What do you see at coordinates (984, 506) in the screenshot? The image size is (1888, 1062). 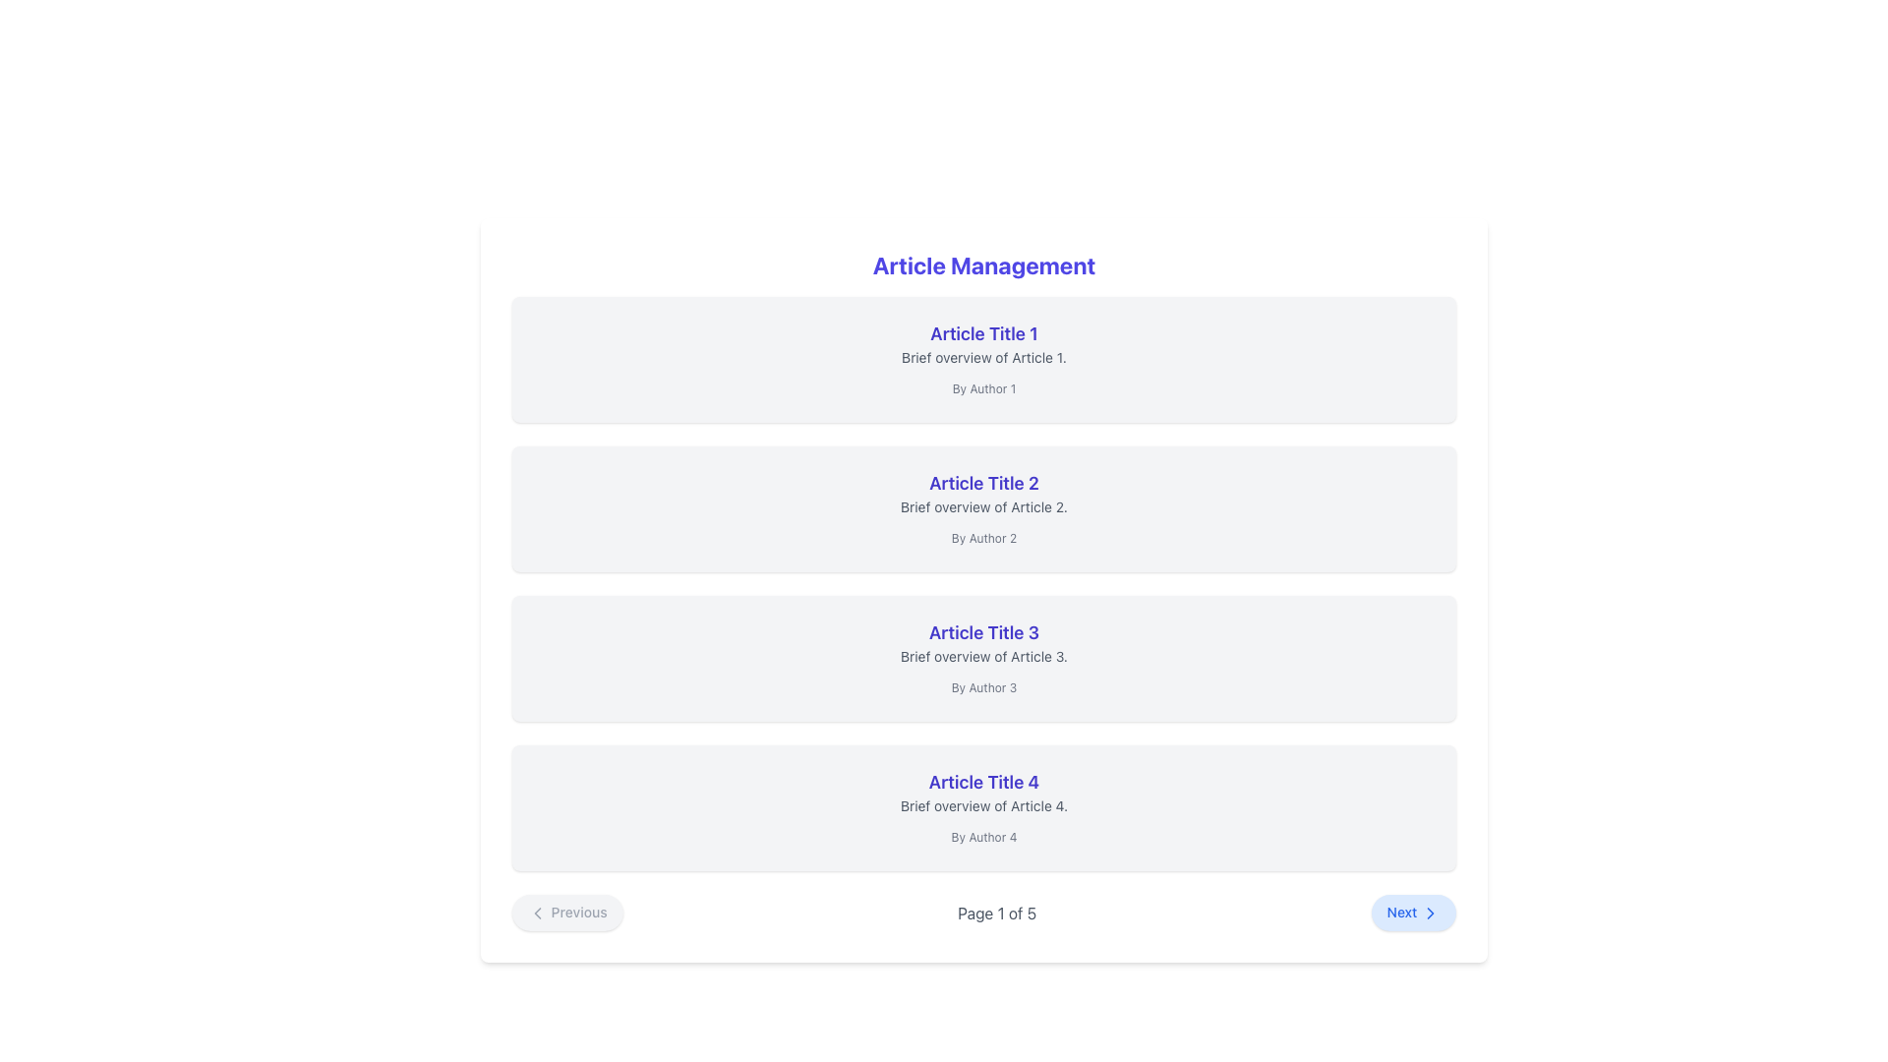 I see `the text element displaying 'Brief overview of Article 2.' which is positioned beneath 'Article Title 2' and above 'By Author 2'` at bounding box center [984, 506].